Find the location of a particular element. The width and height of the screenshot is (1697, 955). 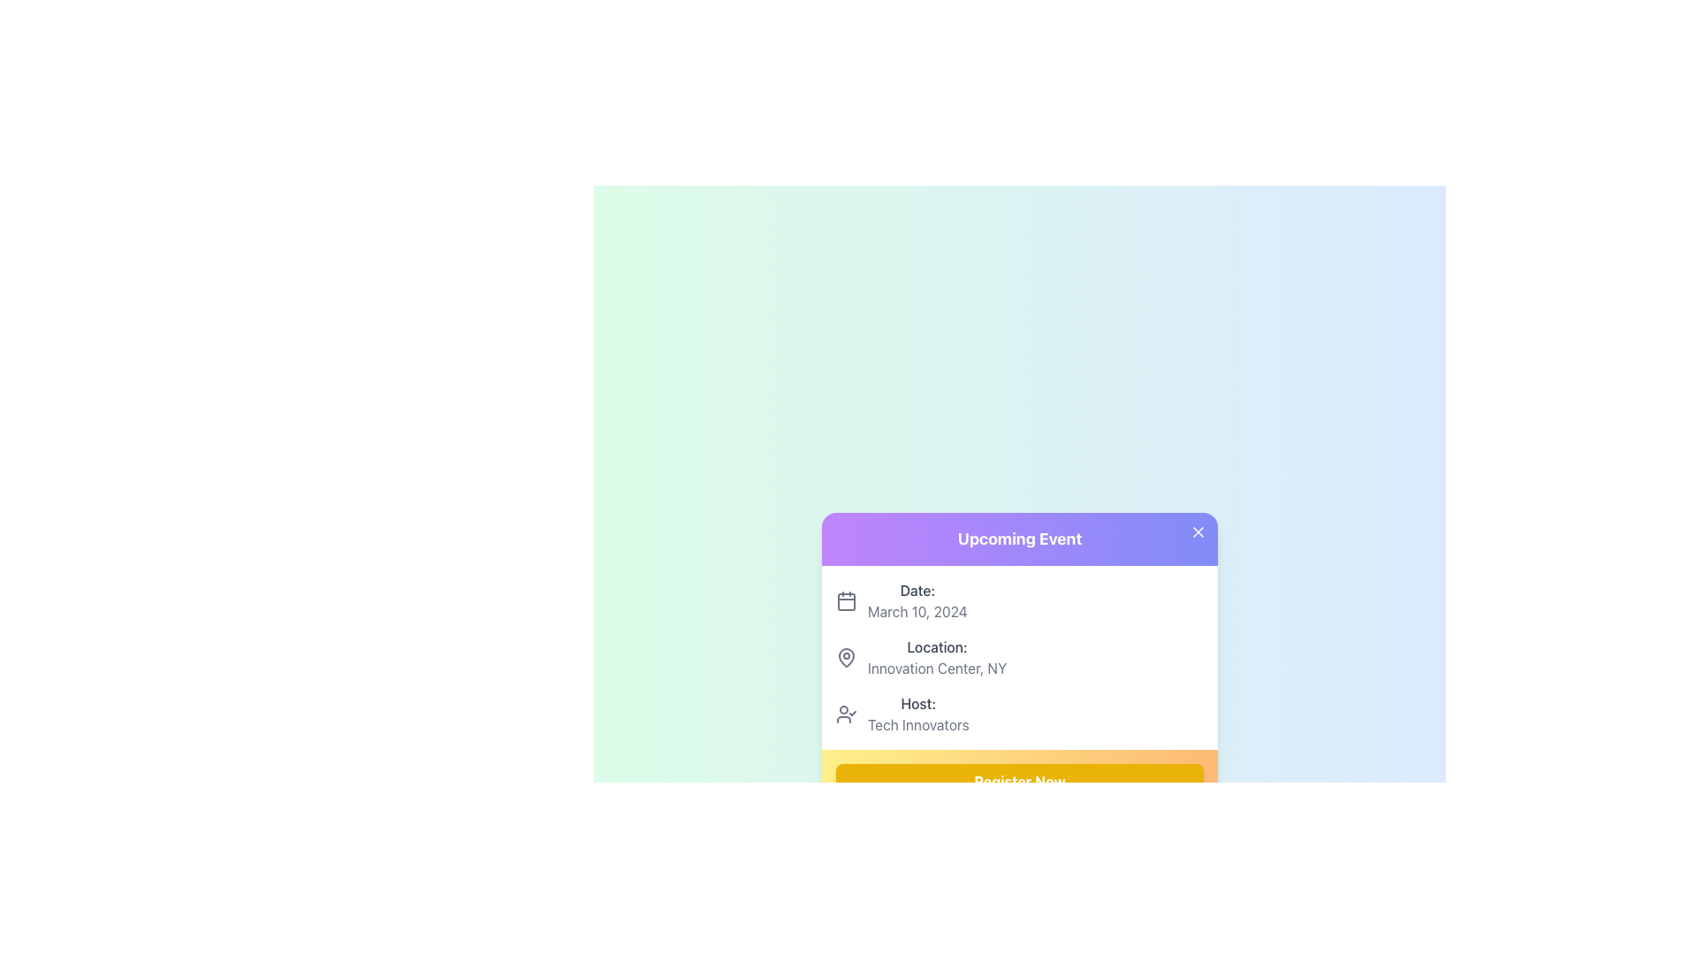

text from the label displaying 'Tech Innovators', which is located within the context labeled 'Host:' on the event detail card is located at coordinates (918, 725).